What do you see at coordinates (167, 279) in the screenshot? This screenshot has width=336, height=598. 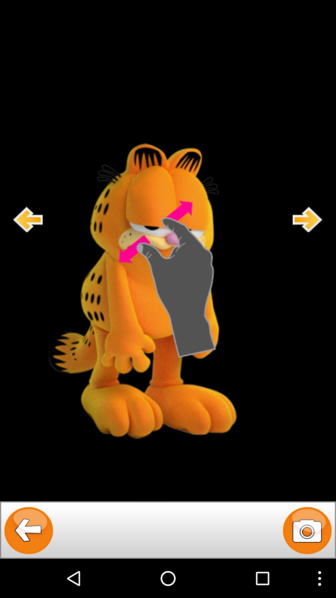 I see `zoom in on garfield` at bounding box center [167, 279].